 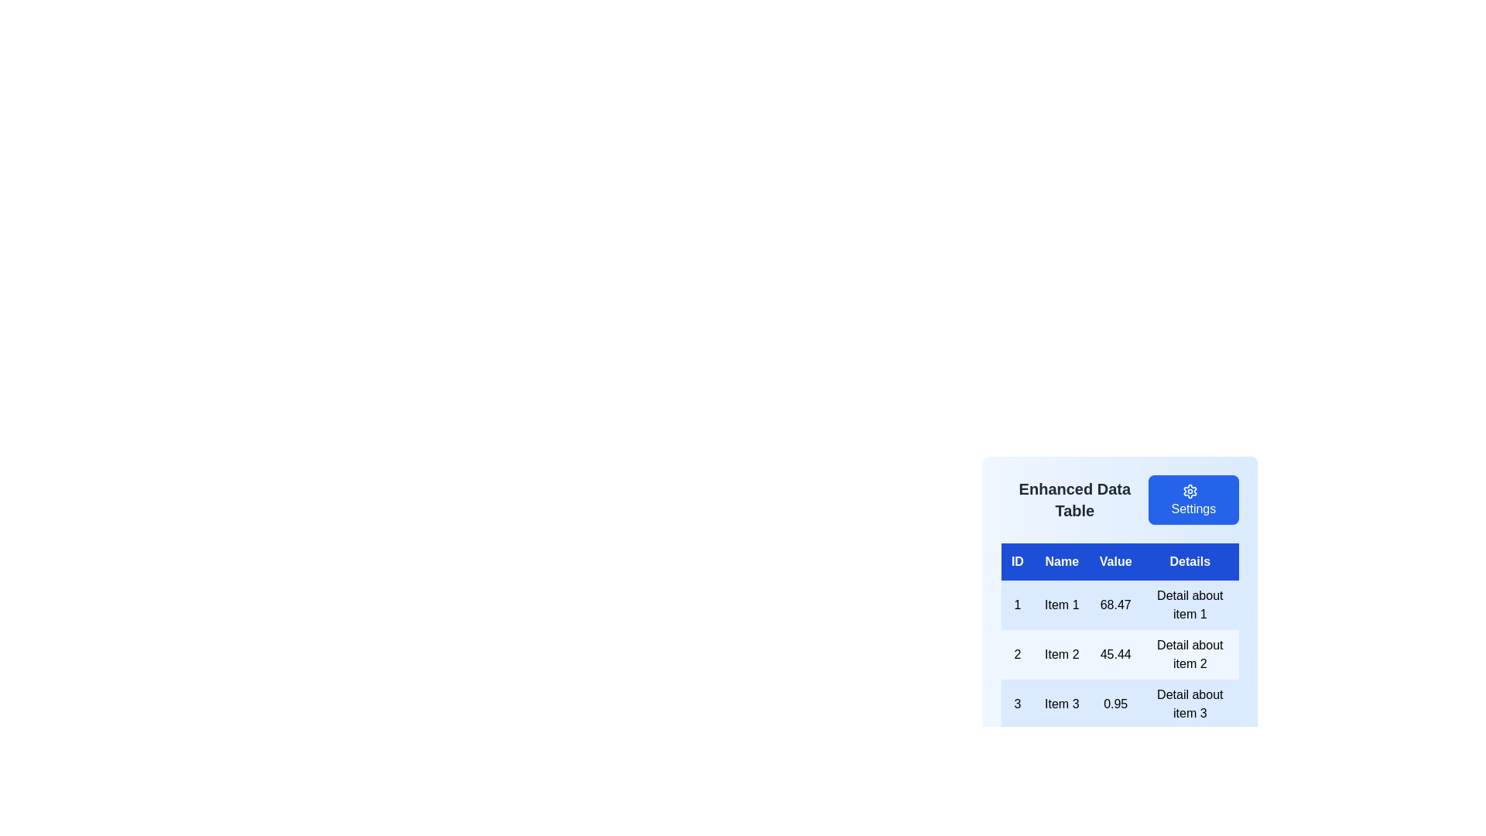 I want to click on 'Settings' button to open the settings options, so click(x=1192, y=499).